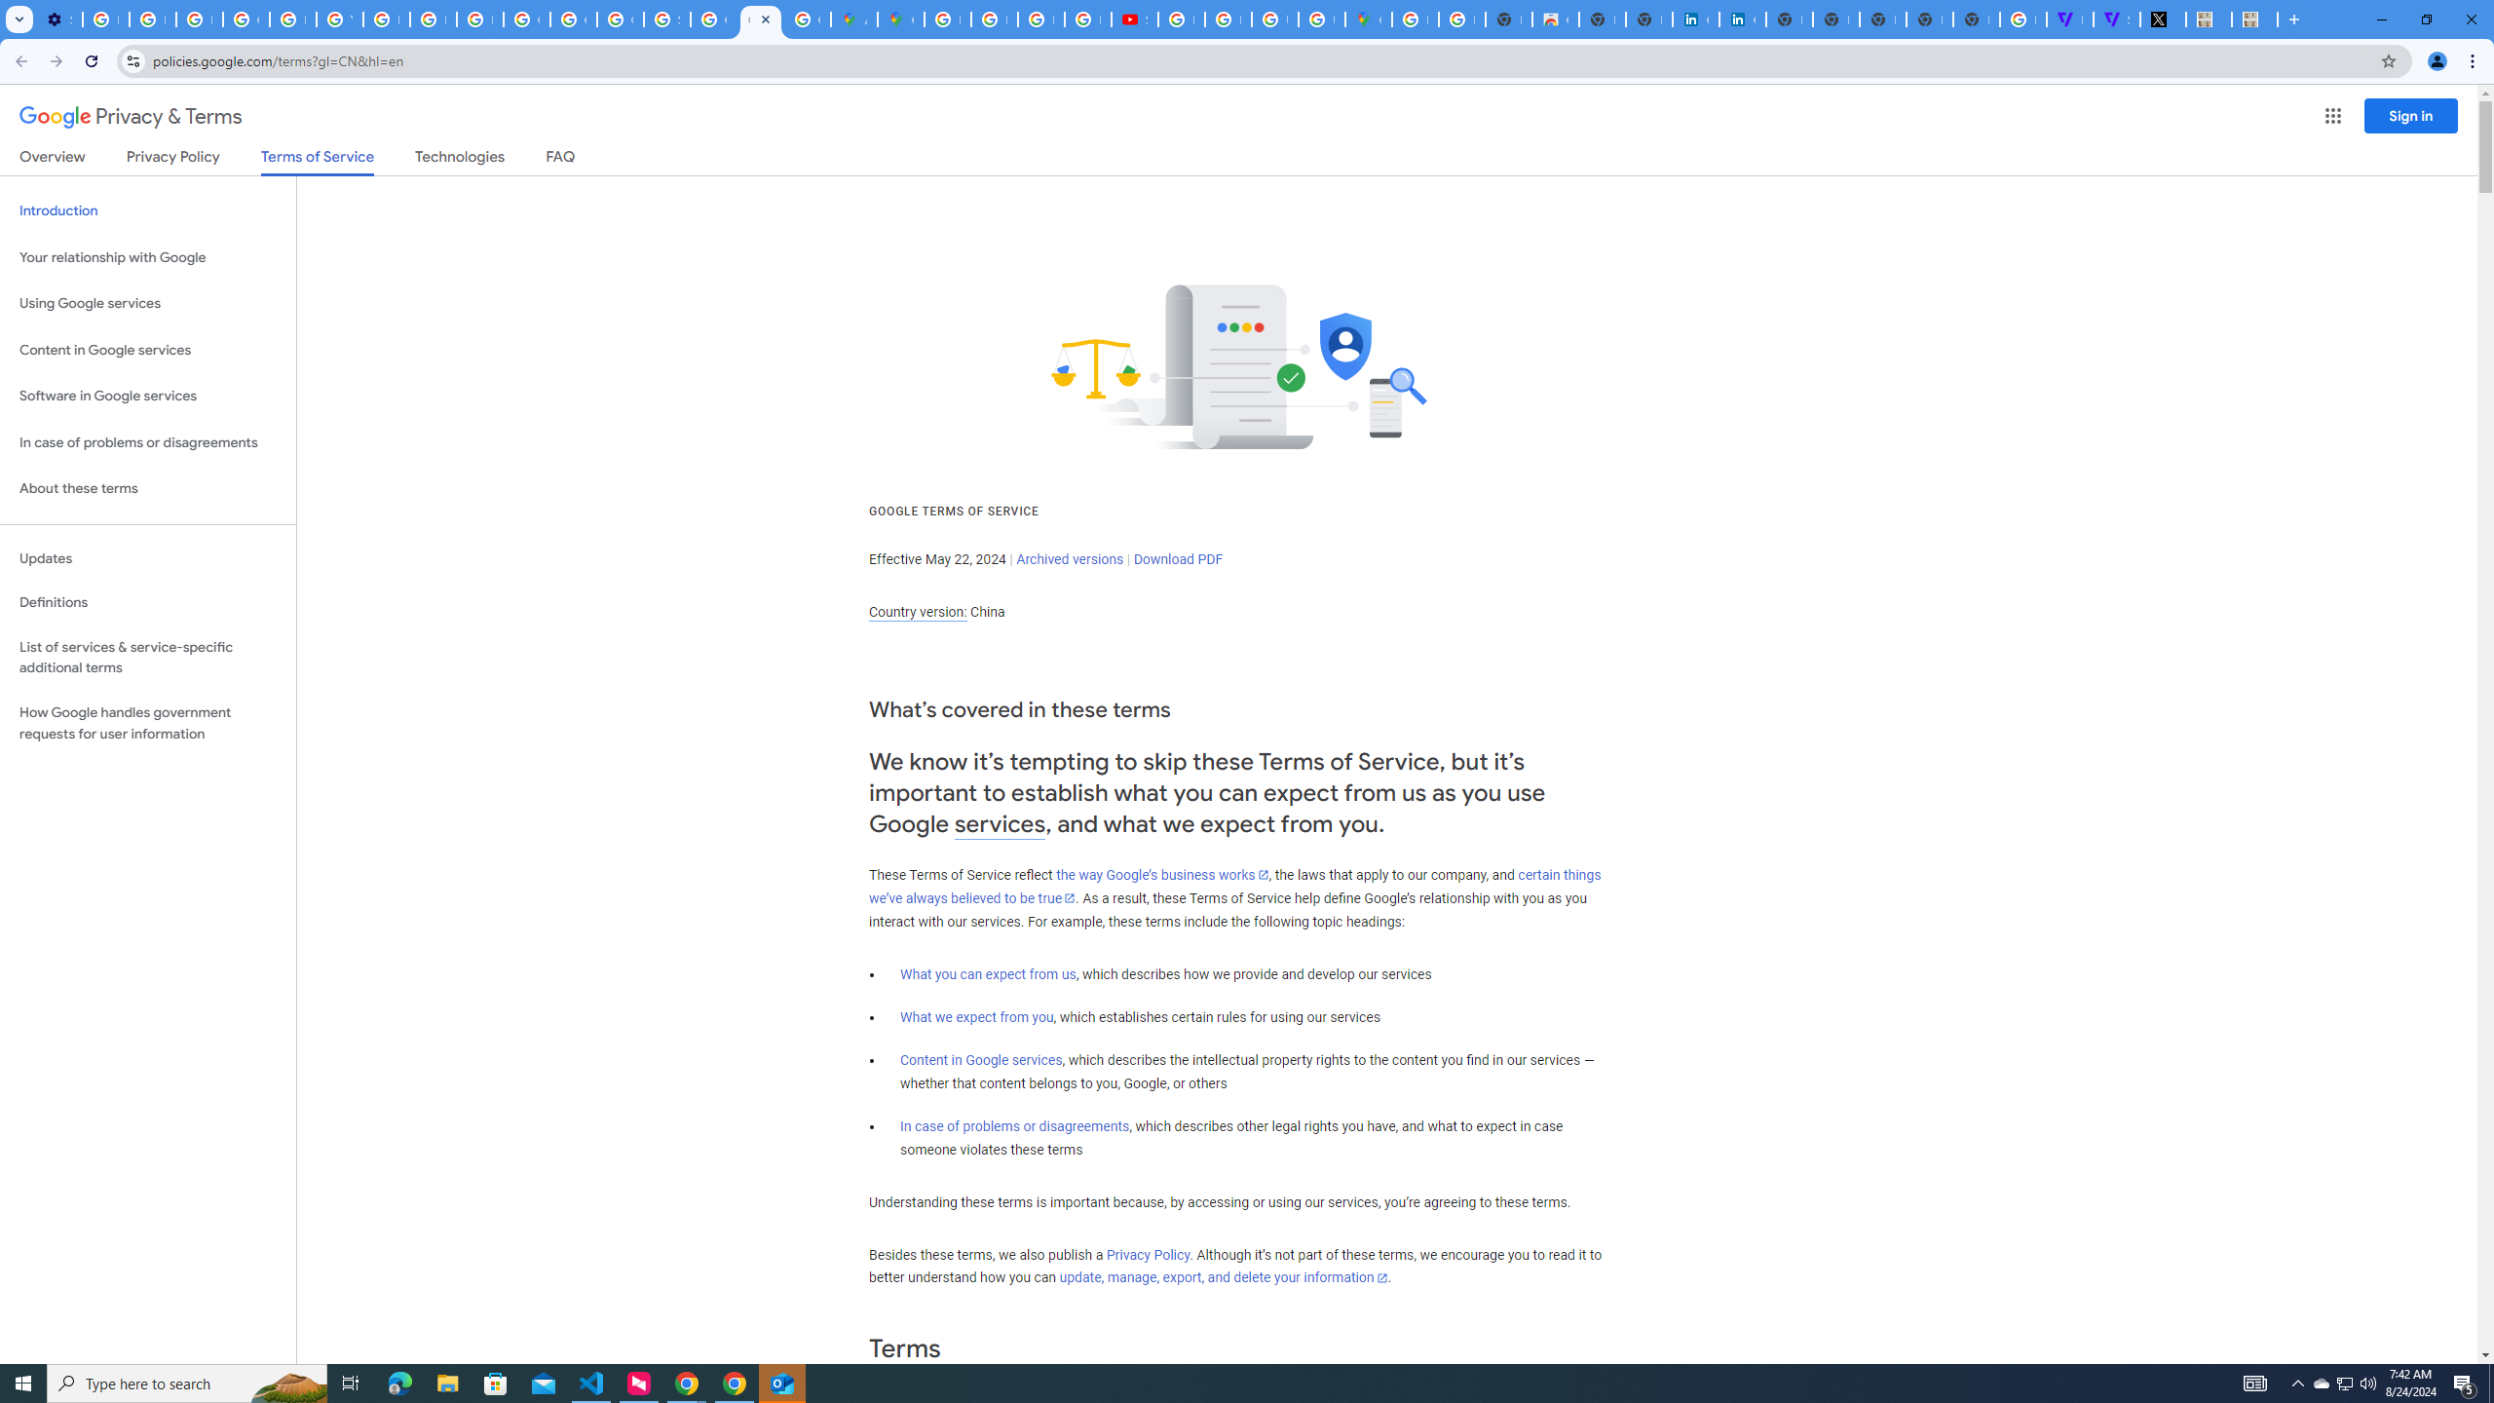 The image size is (2494, 1403). Describe the element at coordinates (2116, 19) in the screenshot. I see `'Streaming - The Verge'` at that location.